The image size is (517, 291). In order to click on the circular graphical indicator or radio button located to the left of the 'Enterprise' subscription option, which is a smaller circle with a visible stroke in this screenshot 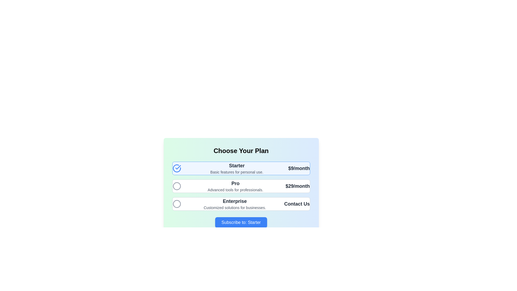, I will do `click(177, 204)`.